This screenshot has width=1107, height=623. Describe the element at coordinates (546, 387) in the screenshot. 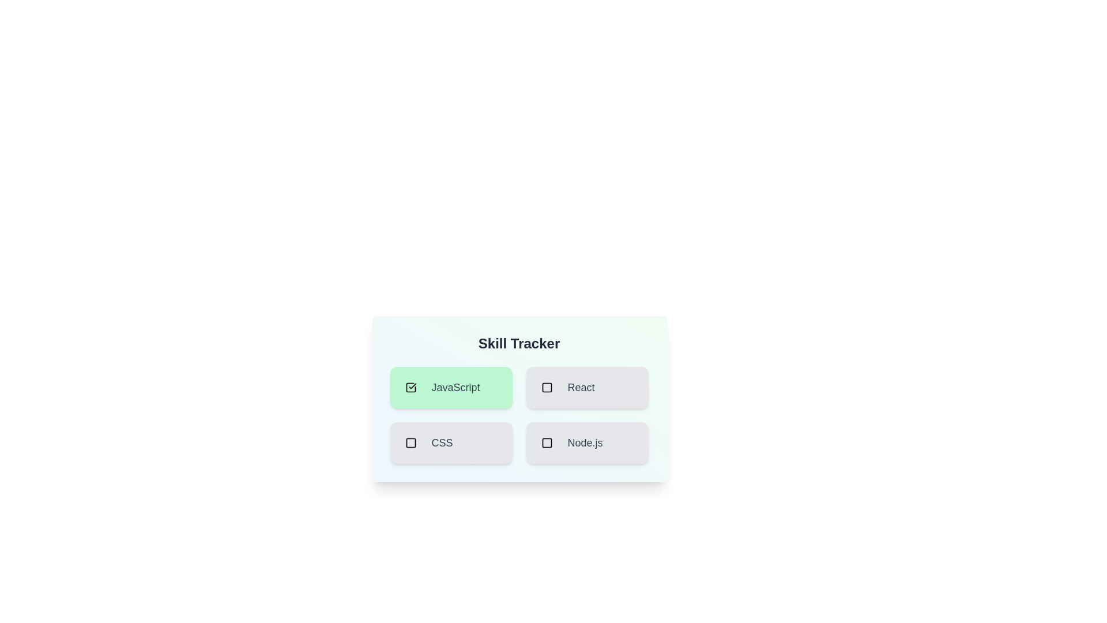

I see `the skill React by clicking its checkbox` at that location.